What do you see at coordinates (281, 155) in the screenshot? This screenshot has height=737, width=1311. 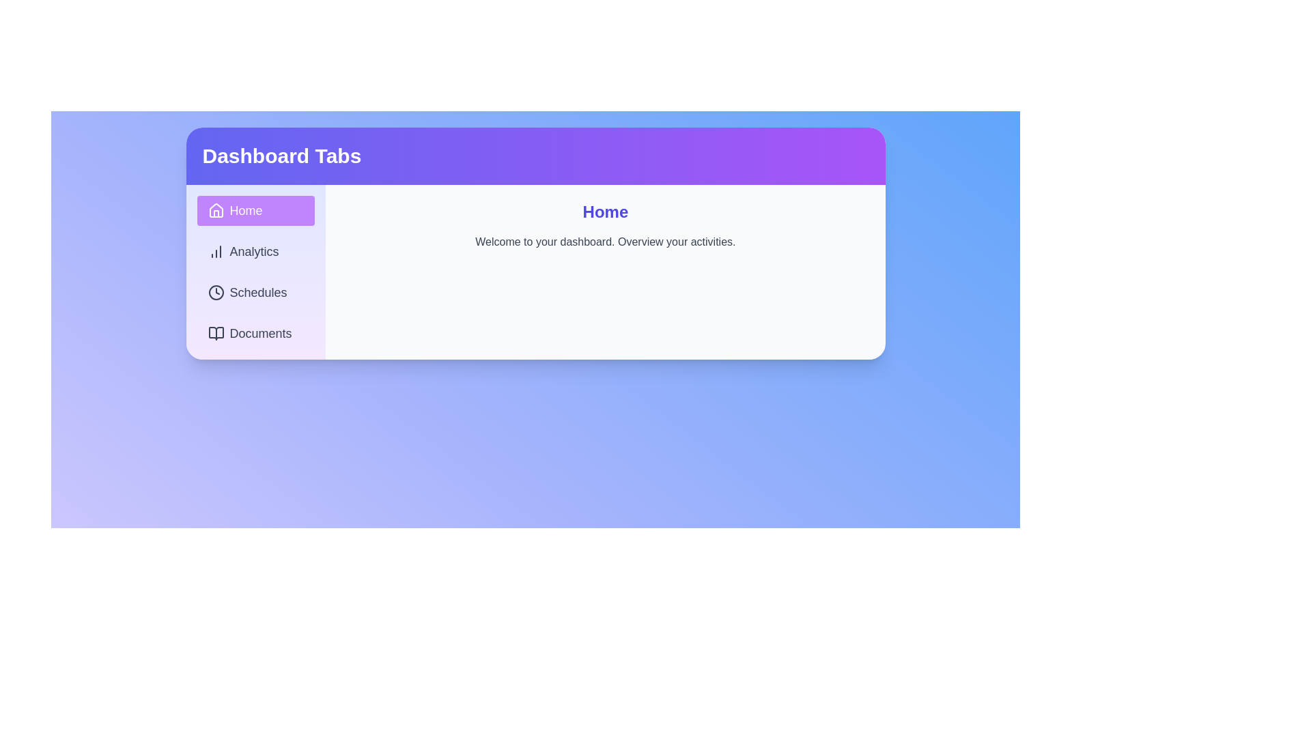 I see `the header text labeled 'Dashboard Tabs'` at bounding box center [281, 155].